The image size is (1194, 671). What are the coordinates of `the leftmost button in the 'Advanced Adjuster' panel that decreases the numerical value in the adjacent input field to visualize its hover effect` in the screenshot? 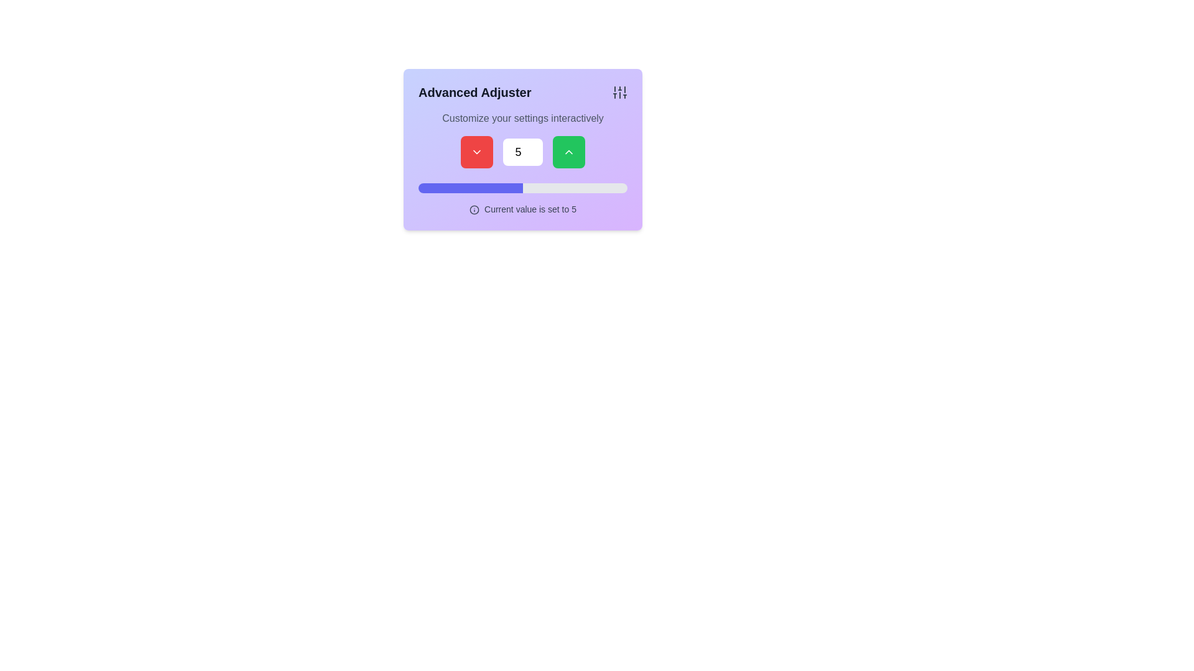 It's located at (476, 152).